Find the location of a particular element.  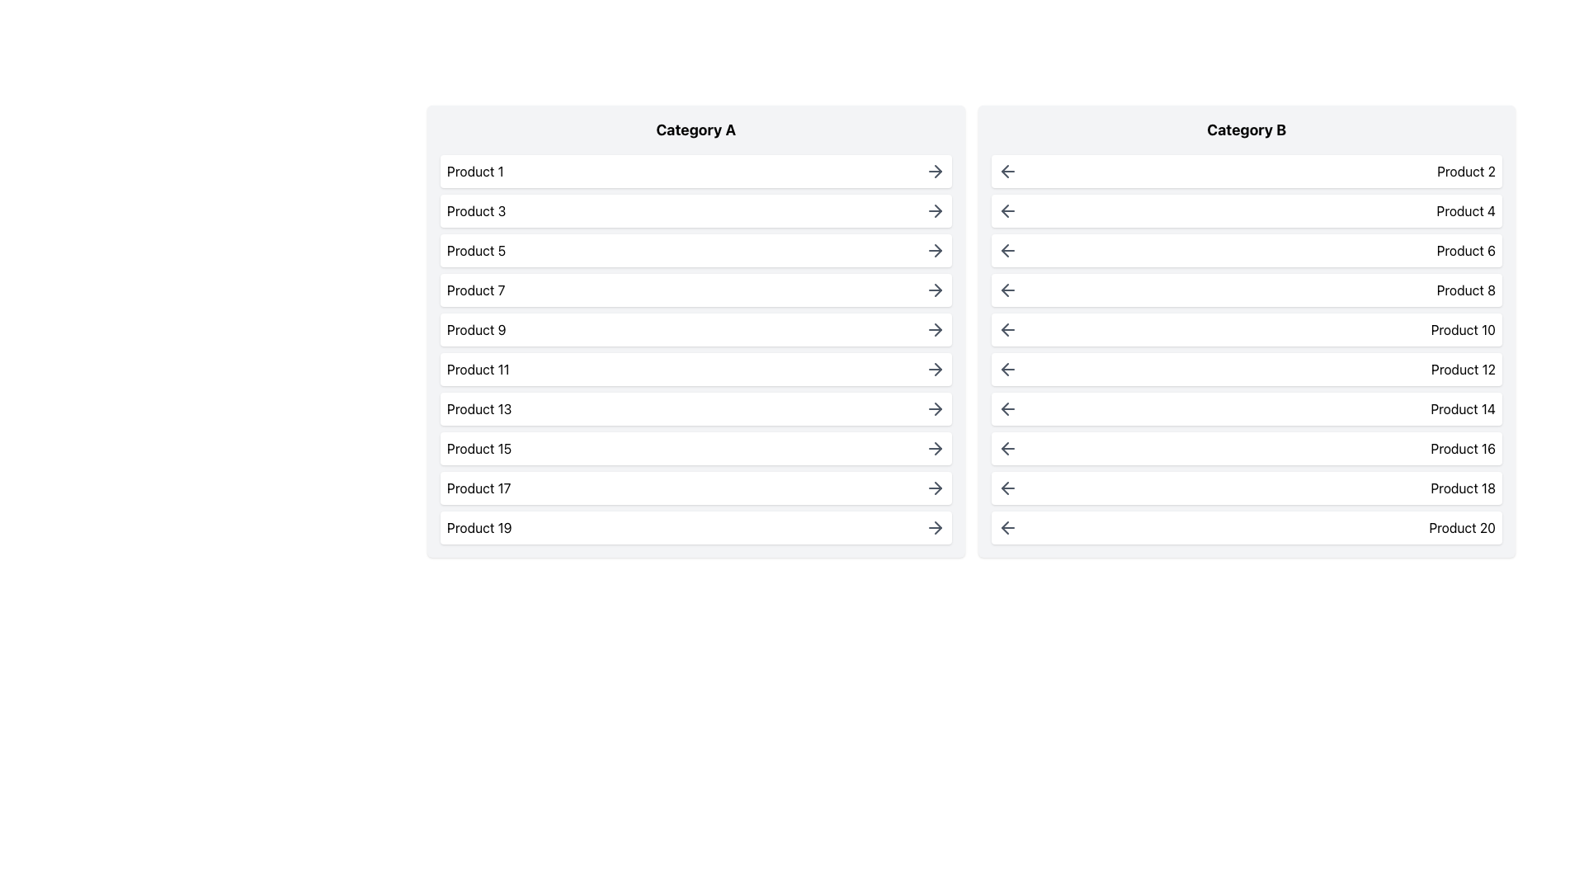

the list item for 'Product 11' located under 'Category A' is located at coordinates (695, 368).